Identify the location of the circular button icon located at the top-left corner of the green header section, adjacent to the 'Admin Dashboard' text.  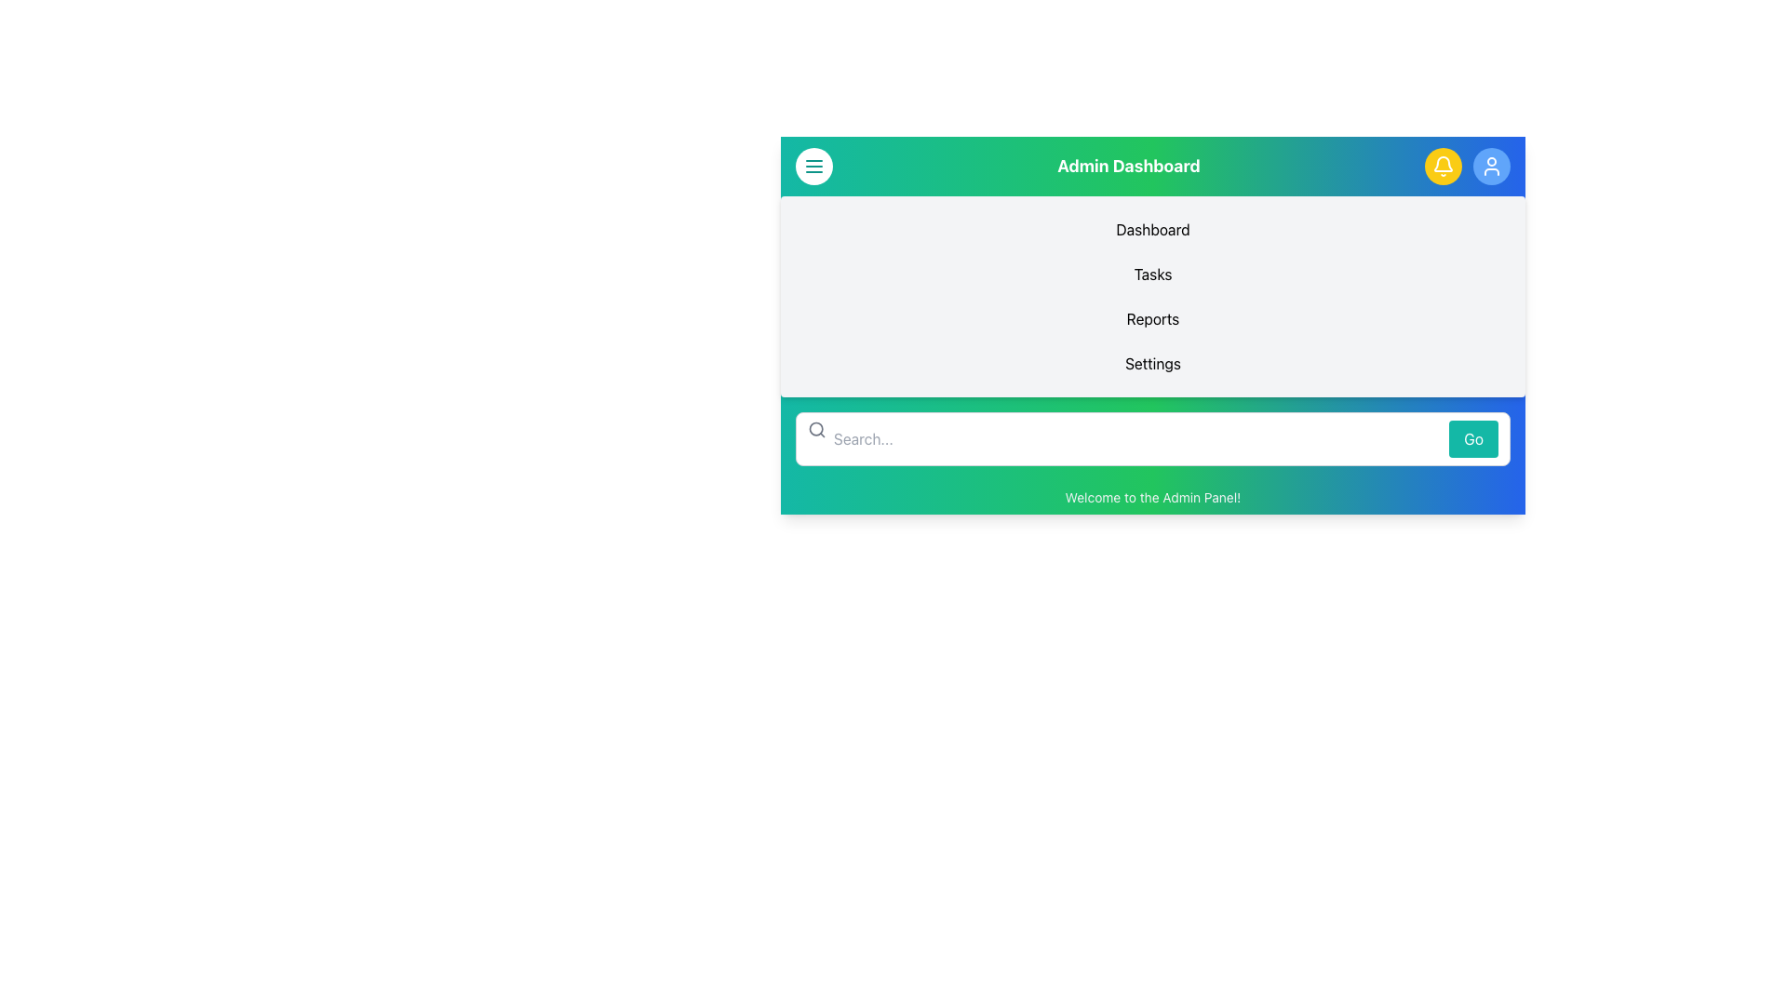
(813, 165).